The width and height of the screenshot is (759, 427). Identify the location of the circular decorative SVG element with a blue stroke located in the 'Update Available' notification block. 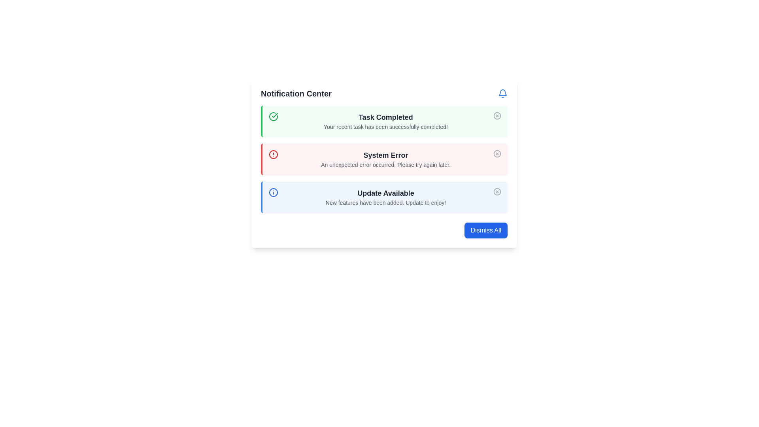
(273, 192).